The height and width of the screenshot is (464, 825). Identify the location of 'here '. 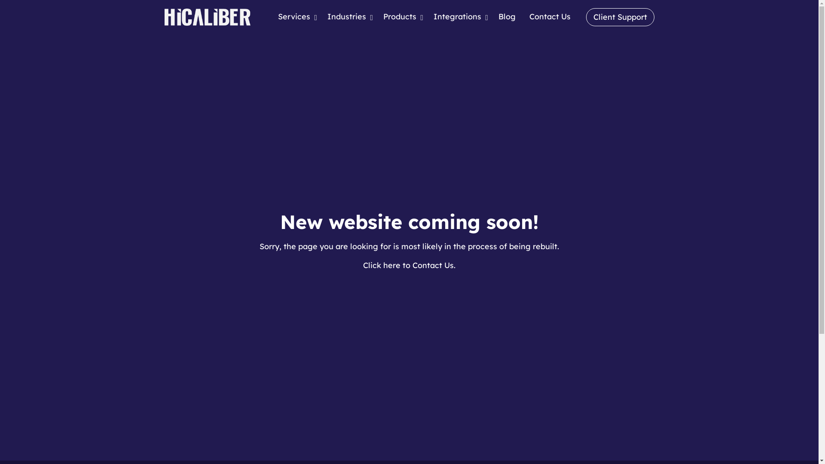
(392, 265).